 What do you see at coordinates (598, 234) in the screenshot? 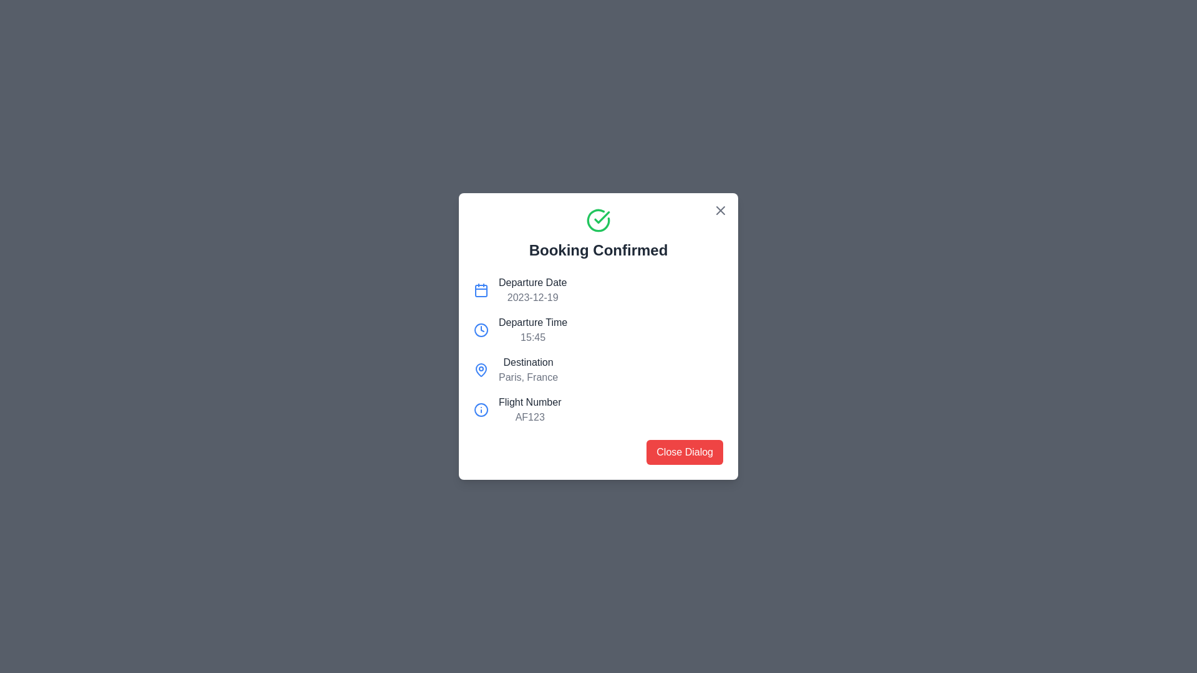
I see `the notification header displaying 'Booking Confirmed' with a green checkmark icon, located at the top-center of the modal dialog` at bounding box center [598, 234].